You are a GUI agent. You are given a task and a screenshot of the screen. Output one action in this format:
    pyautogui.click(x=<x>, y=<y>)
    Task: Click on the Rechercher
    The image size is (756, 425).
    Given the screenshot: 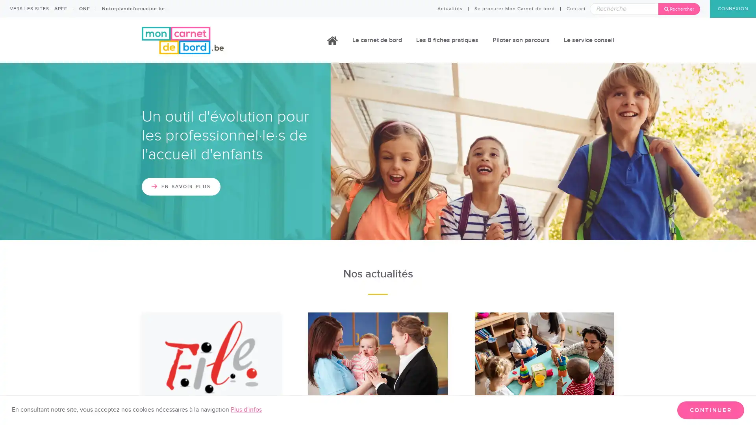 What is the action you would take?
    pyautogui.click(x=678, y=9)
    